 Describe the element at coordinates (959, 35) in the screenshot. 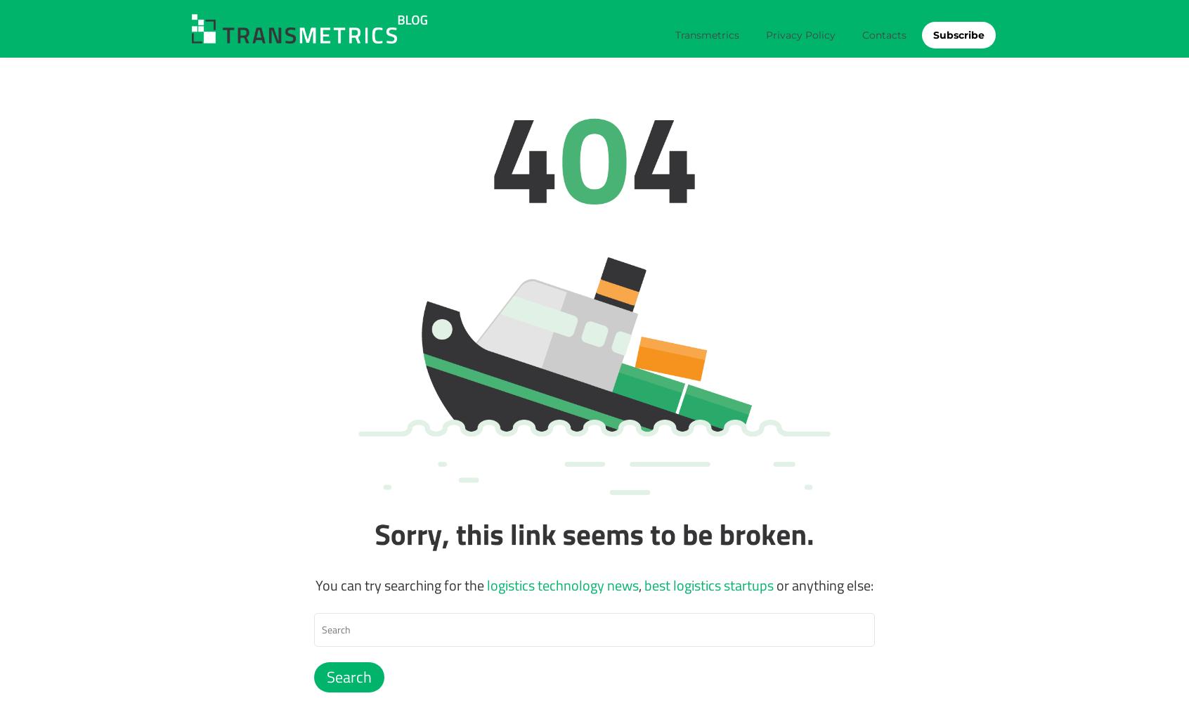

I see `'Subscribe'` at that location.